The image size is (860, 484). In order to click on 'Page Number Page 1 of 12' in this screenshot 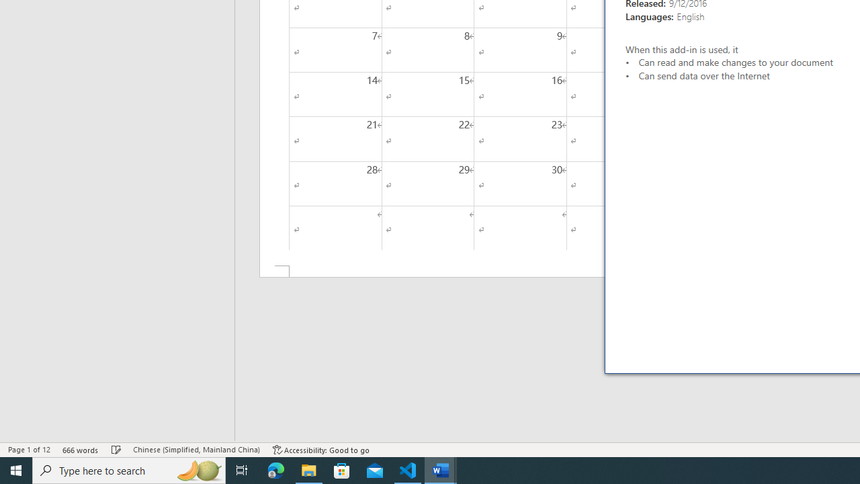, I will do `click(29, 450)`.